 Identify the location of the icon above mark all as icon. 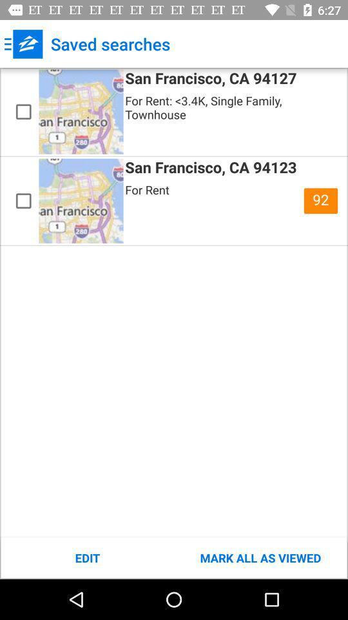
(320, 201).